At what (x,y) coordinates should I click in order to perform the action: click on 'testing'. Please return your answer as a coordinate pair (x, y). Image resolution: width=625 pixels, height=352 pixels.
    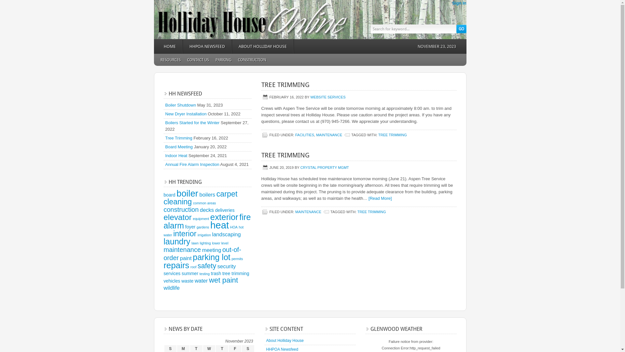
    Looking at the image, I should click on (204, 274).